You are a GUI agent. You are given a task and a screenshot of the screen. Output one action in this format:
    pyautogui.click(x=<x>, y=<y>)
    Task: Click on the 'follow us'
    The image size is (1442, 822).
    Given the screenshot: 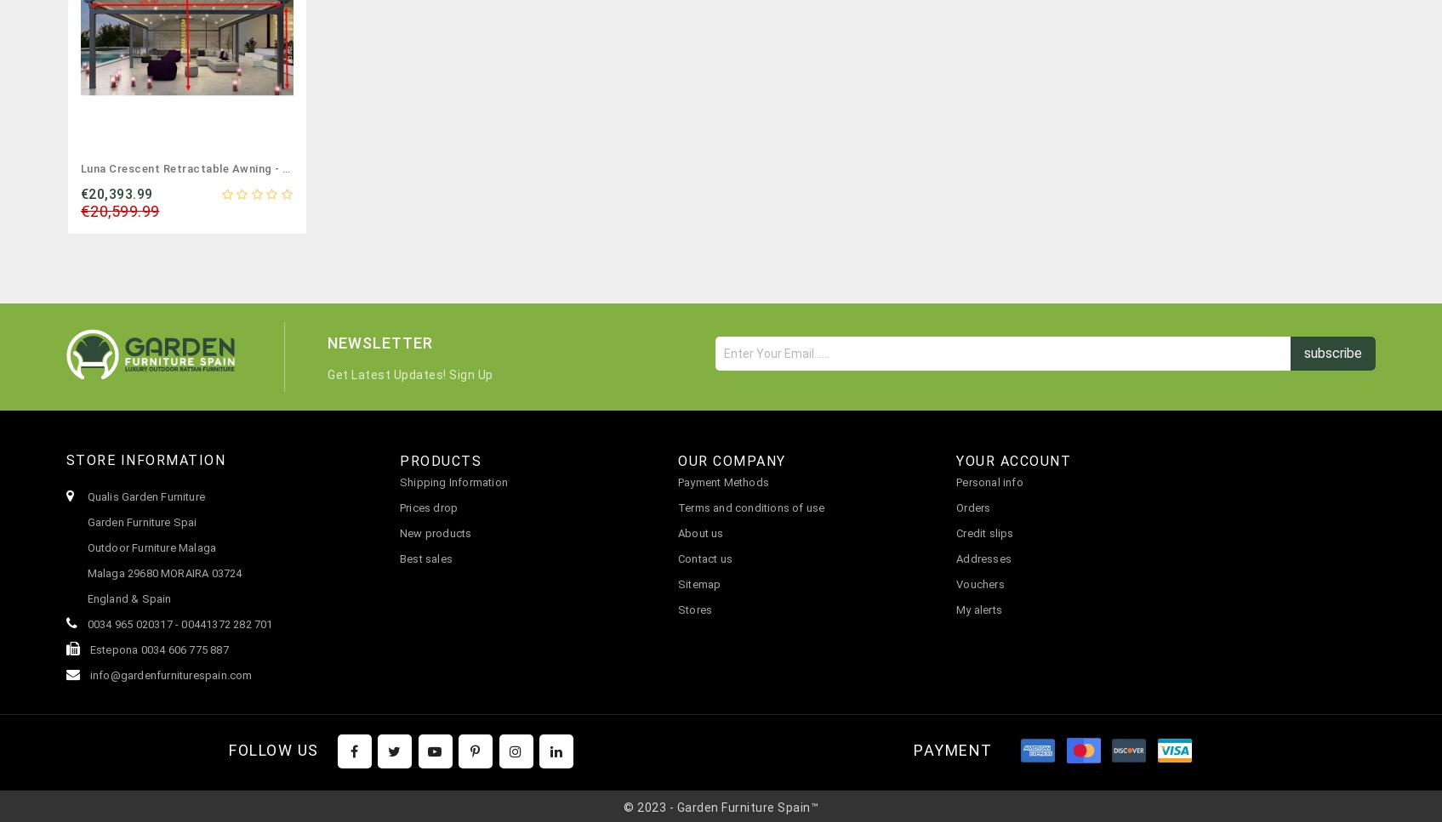 What is the action you would take?
    pyautogui.click(x=273, y=749)
    